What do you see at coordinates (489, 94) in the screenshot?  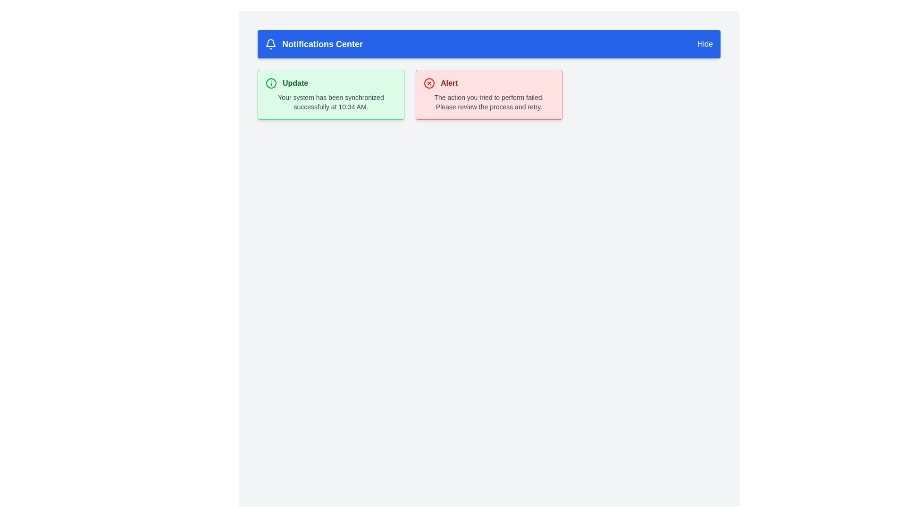 I see `the Notification component, which is a warning message with a red border and background, containing an error icon and the title 'Alert' in bold red text` at bounding box center [489, 94].